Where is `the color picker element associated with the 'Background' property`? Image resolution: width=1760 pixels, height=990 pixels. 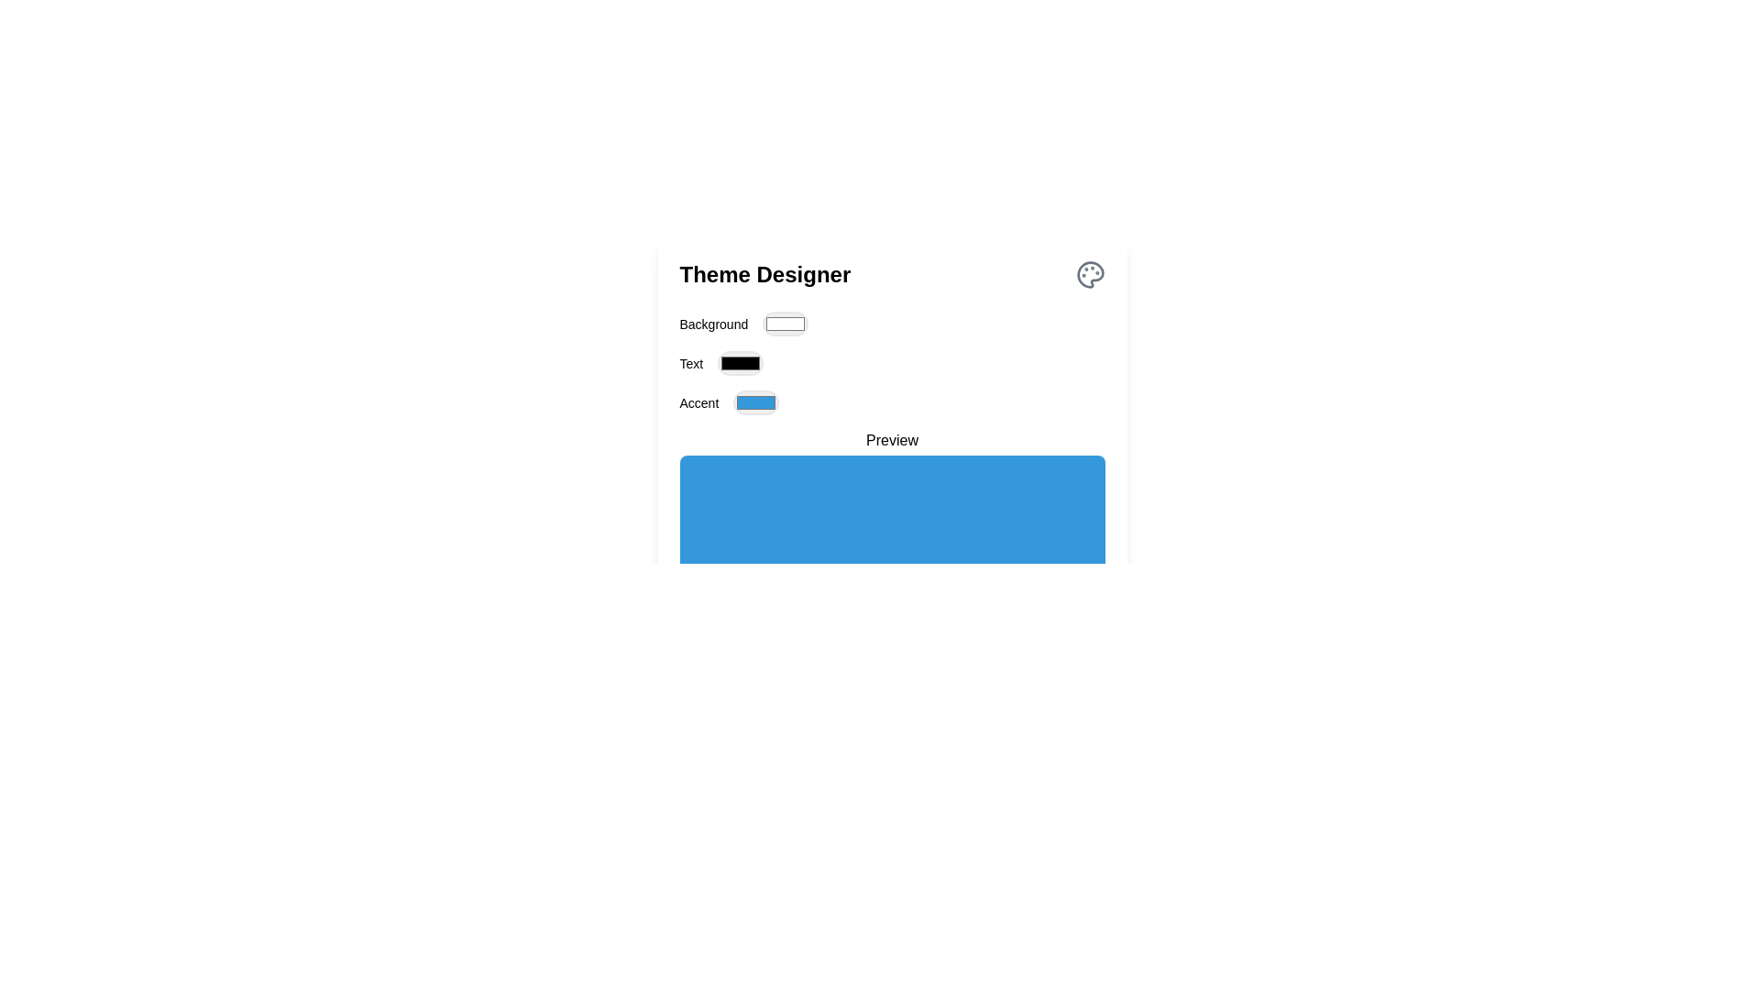
the color picker element associated with the 'Background' property is located at coordinates (892, 323).